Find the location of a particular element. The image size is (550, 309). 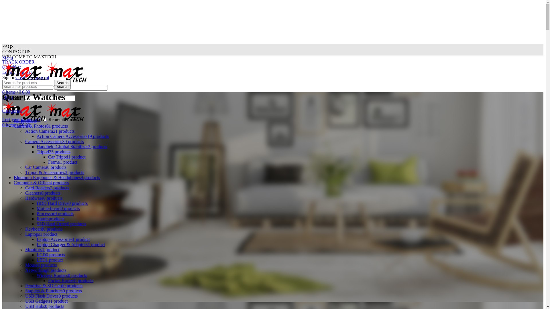

'Camera & Photos61 products' is located at coordinates (40, 126).